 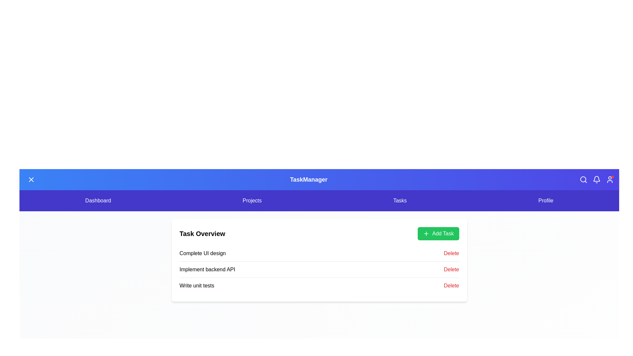 I want to click on the menu toggle button to toggle the menu state, so click(x=31, y=179).